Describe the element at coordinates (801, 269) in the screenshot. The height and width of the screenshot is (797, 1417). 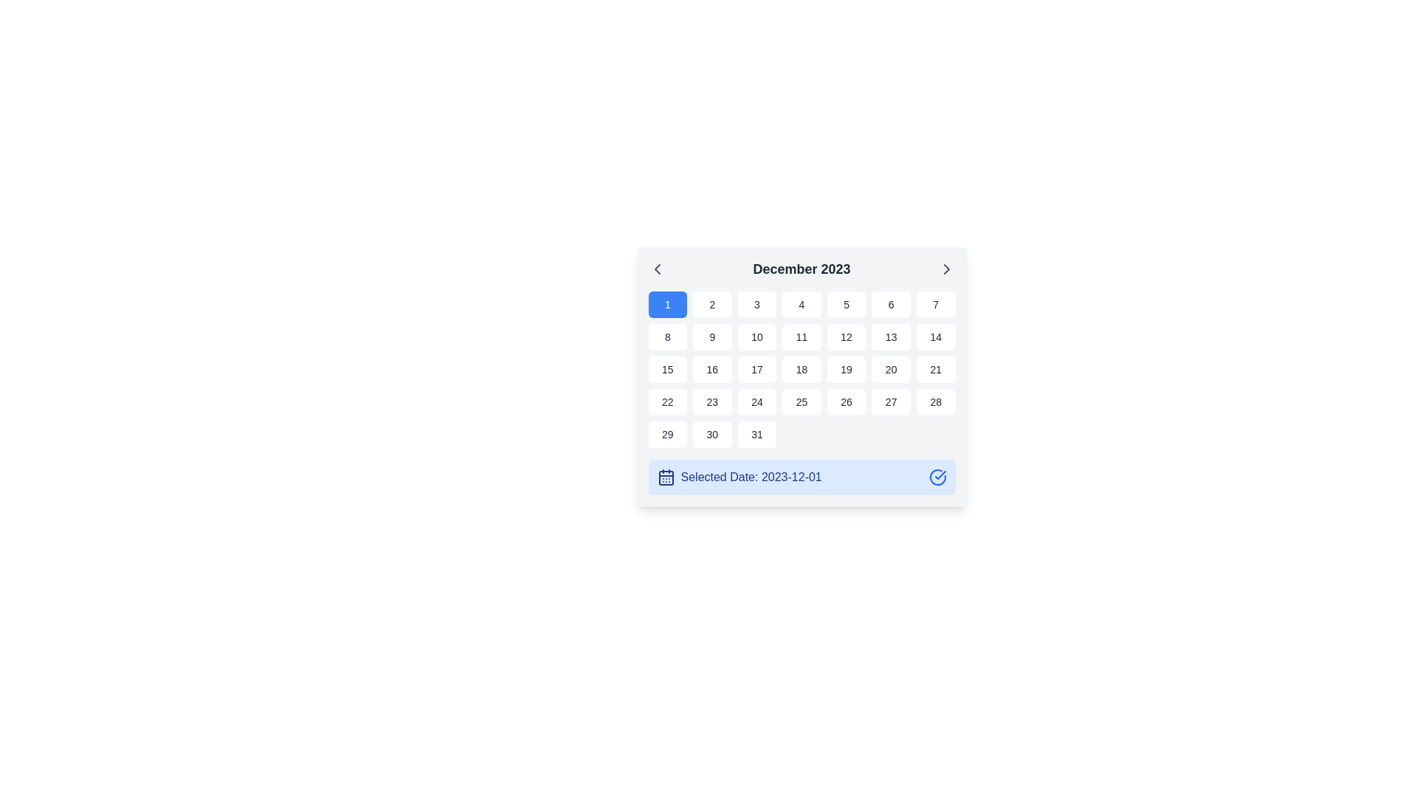
I see `displayed month and year from the Calendar header located at the top of the calendar component interface` at that location.